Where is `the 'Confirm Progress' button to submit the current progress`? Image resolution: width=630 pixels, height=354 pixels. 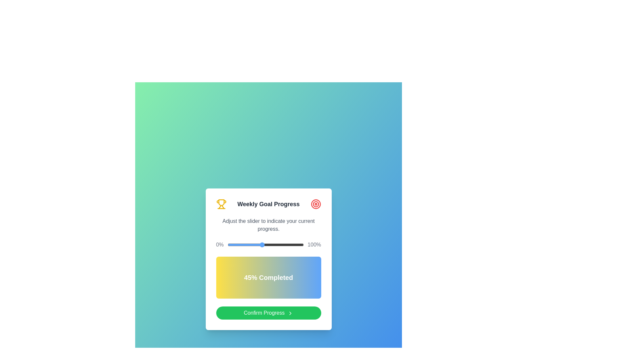 the 'Confirm Progress' button to submit the current progress is located at coordinates (268, 313).